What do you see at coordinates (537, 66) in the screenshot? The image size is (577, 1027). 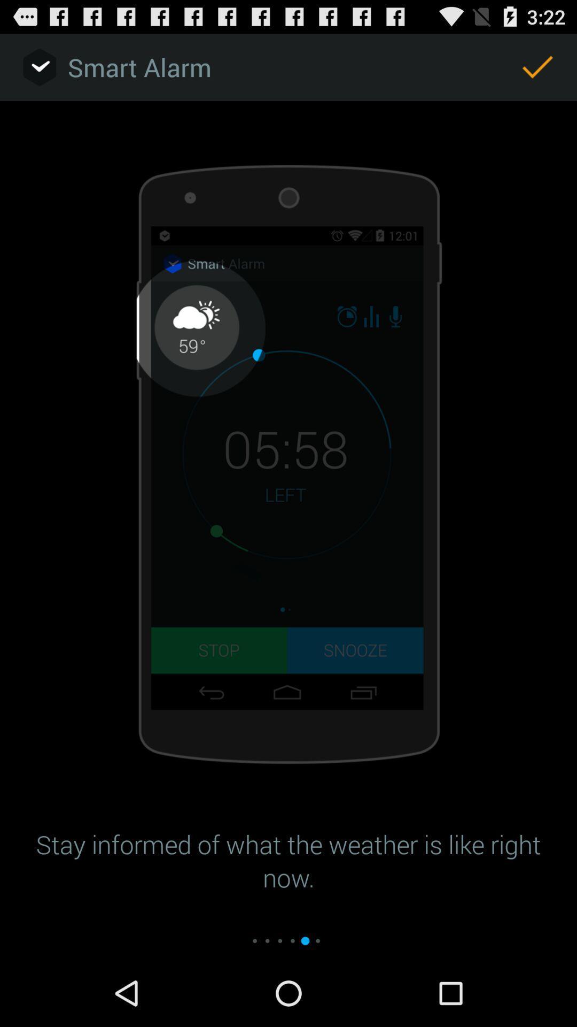 I see `the icon at the top right corner` at bounding box center [537, 66].